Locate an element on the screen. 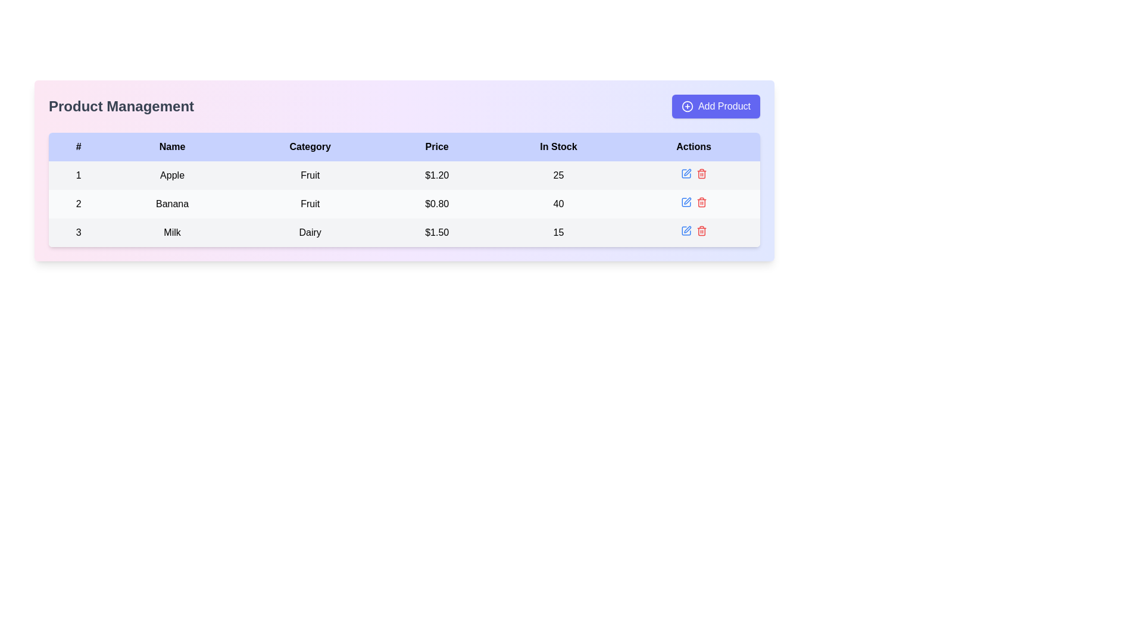 Image resolution: width=1143 pixels, height=643 pixels. the text label displaying the product name 'Banana', which is centrally aligned in the second row and second column of the table under the 'Name' column, to trigger the tooltip is located at coordinates (171, 204).